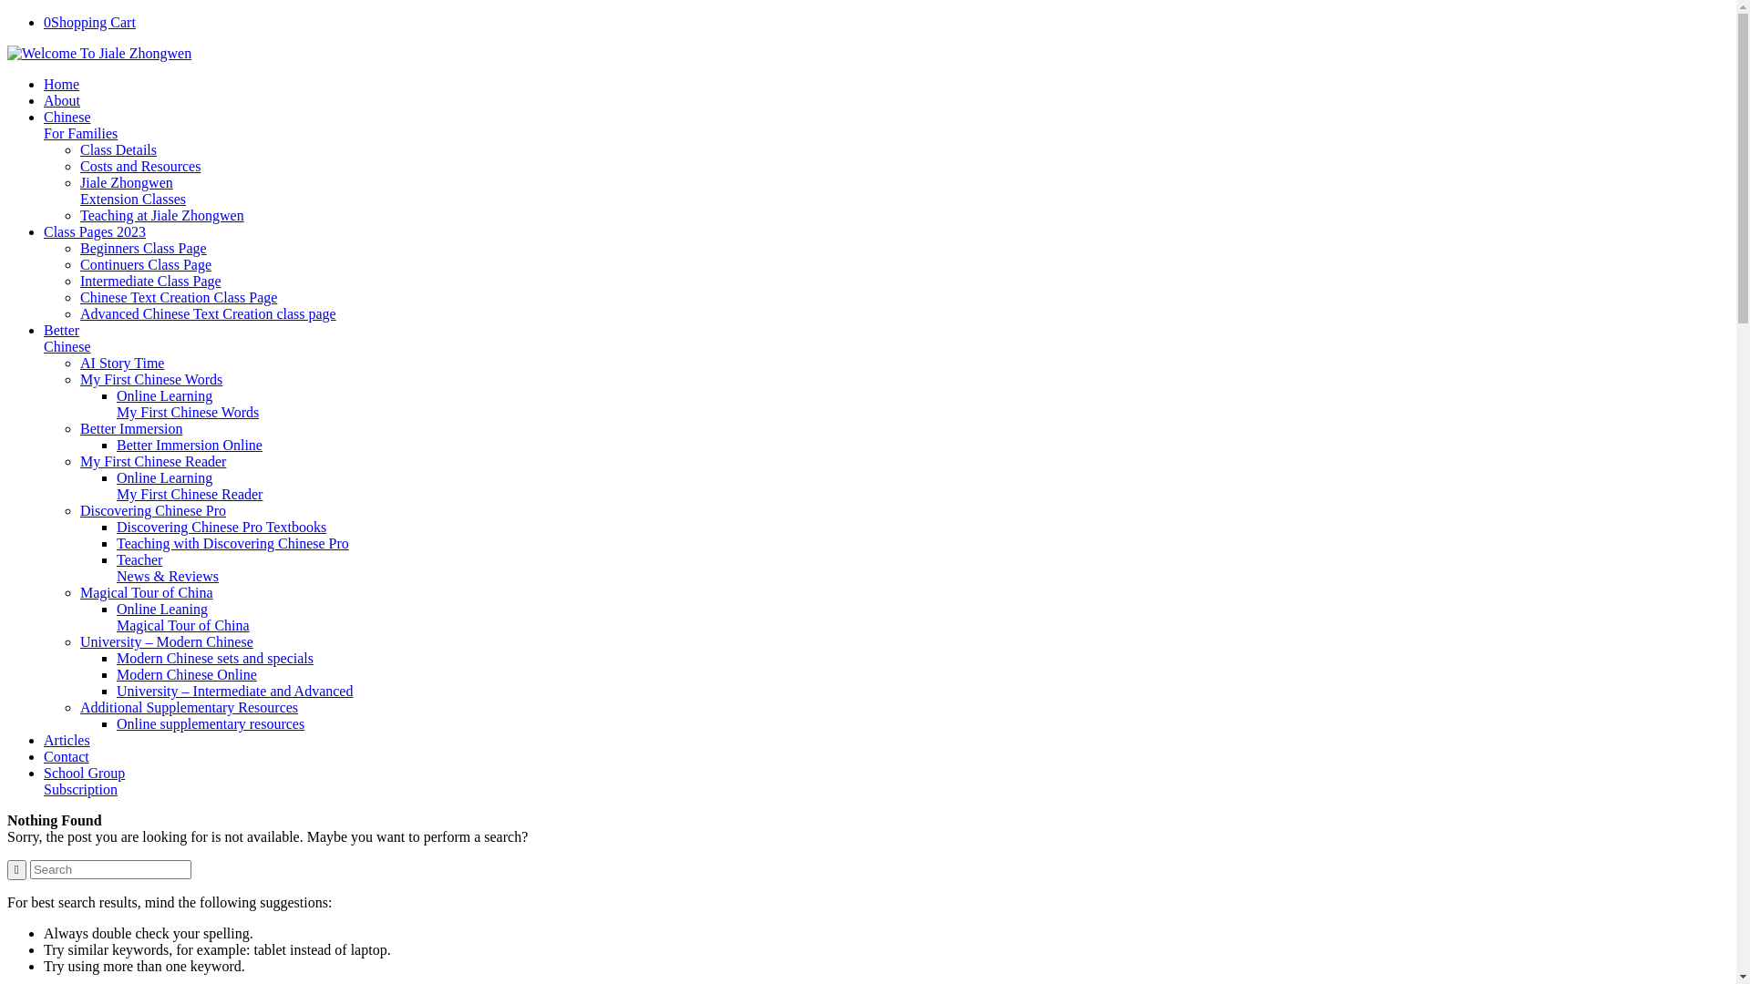  Describe the element at coordinates (221, 527) in the screenshot. I see `'Discovering Chinese Pro Textbooks'` at that location.